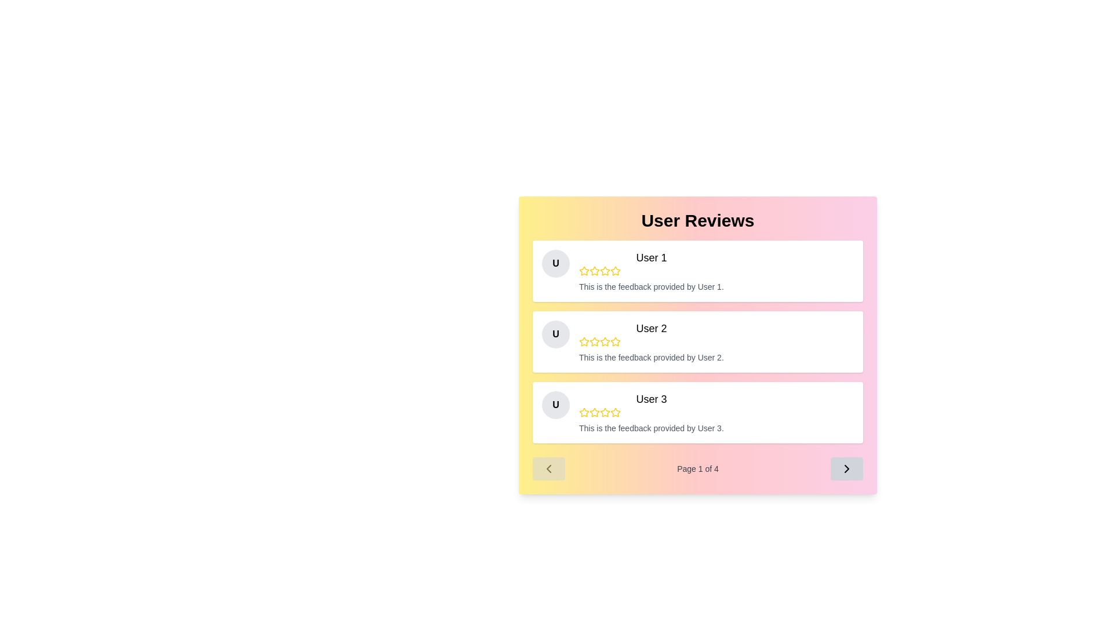 The width and height of the screenshot is (1113, 626). I want to click on the third star in the Star Rating Icon, so click(604, 271).